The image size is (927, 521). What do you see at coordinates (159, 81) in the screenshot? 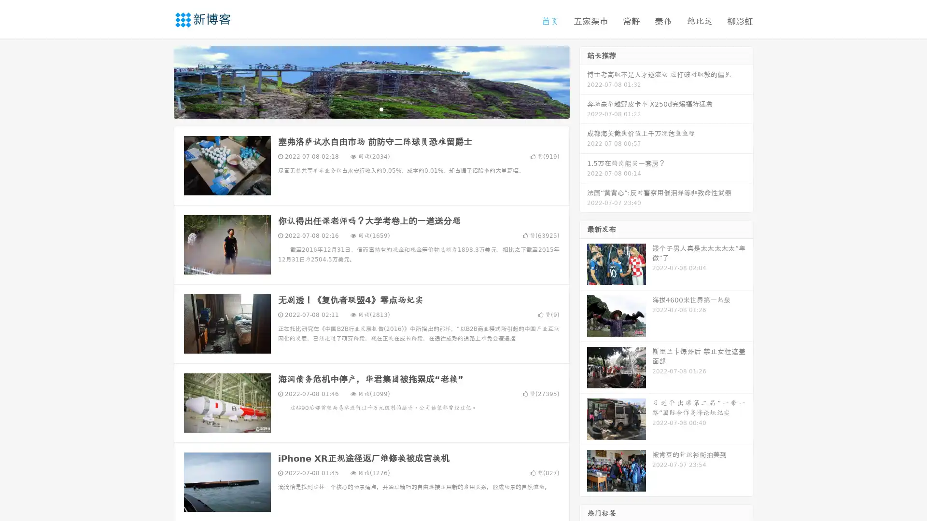
I see `Previous slide` at bounding box center [159, 81].